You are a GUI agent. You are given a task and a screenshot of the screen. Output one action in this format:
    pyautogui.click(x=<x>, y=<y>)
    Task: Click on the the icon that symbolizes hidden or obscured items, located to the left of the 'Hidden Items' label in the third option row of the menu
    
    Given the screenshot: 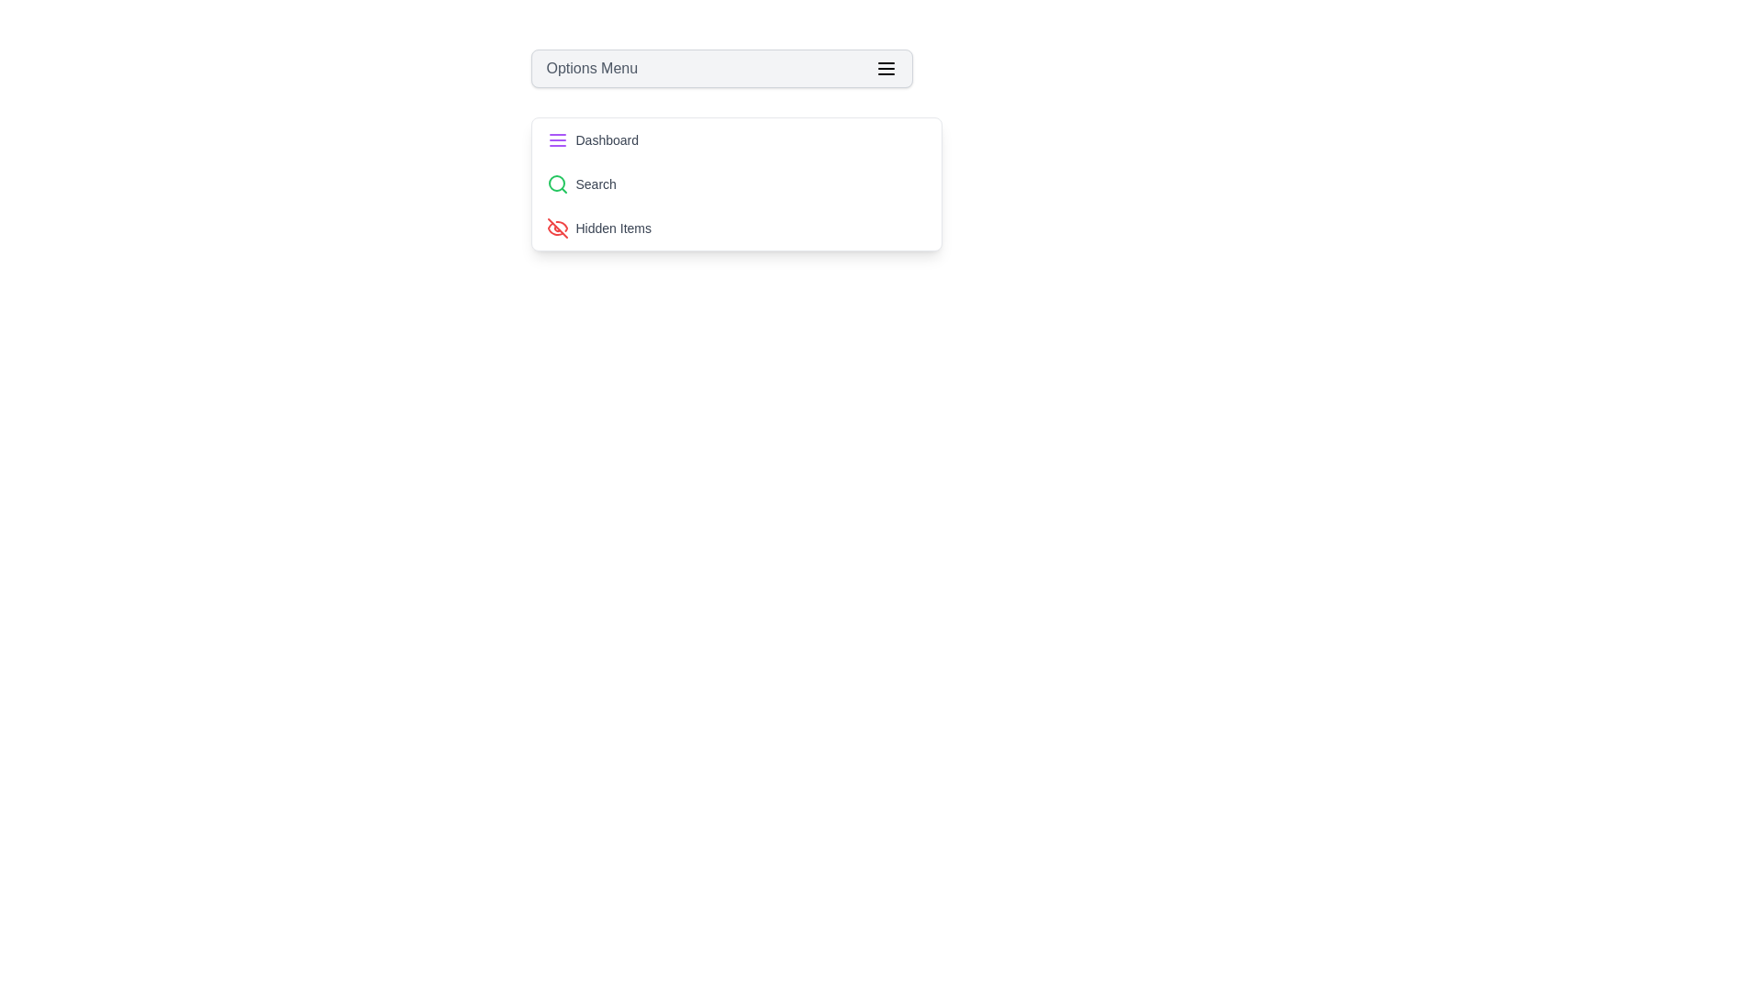 What is the action you would take?
    pyautogui.click(x=556, y=228)
    